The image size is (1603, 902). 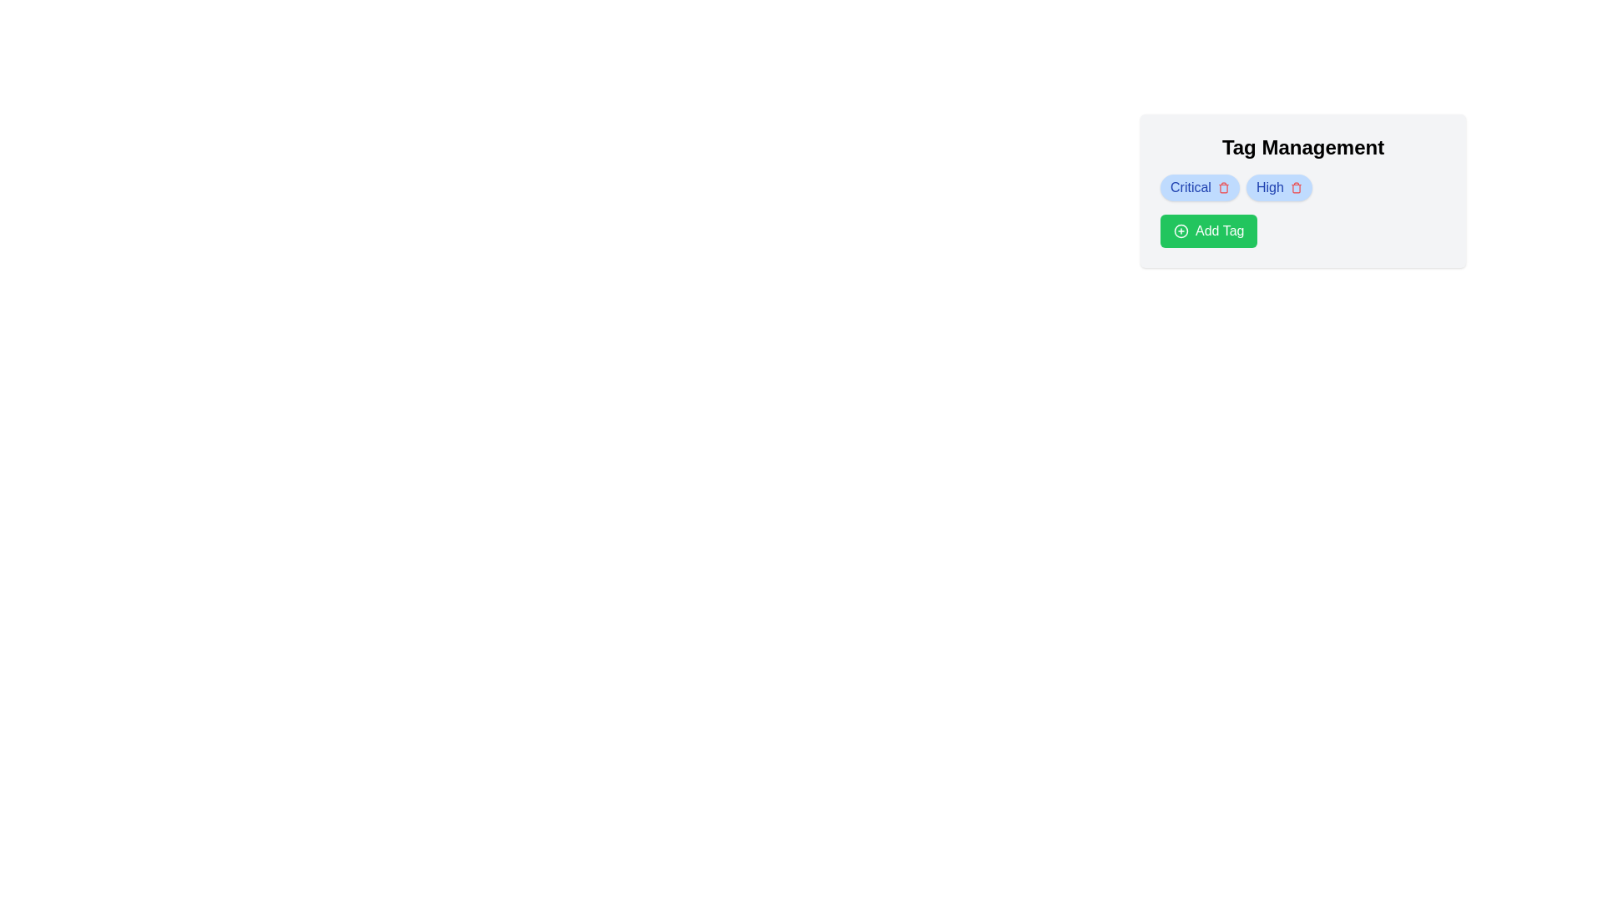 I want to click on the 'Add Tag' button, which is a rectangular button with a green background, rounded edges, and white text, located at the bottom of the 'Tag Management' group, so click(x=1209, y=231).